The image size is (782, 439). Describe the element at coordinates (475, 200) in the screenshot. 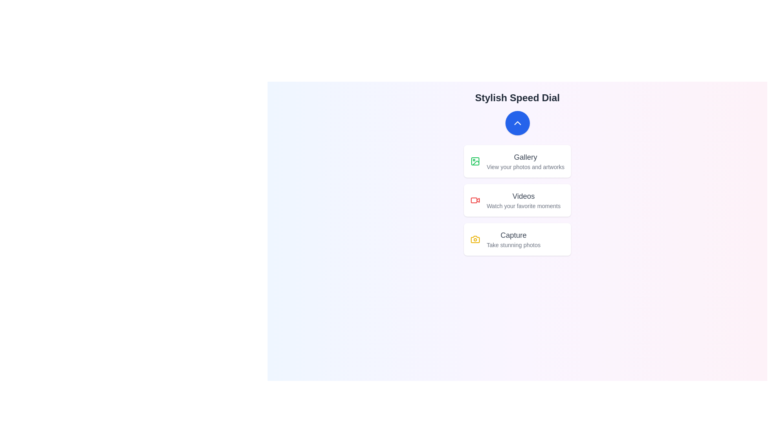

I see `the icon associated with Videos` at that location.